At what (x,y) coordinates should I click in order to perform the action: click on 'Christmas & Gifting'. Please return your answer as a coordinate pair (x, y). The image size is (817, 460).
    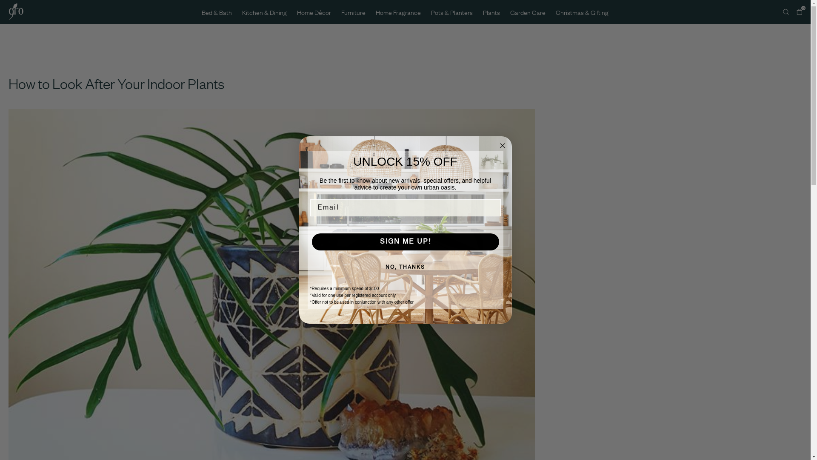
    Looking at the image, I should click on (555, 11).